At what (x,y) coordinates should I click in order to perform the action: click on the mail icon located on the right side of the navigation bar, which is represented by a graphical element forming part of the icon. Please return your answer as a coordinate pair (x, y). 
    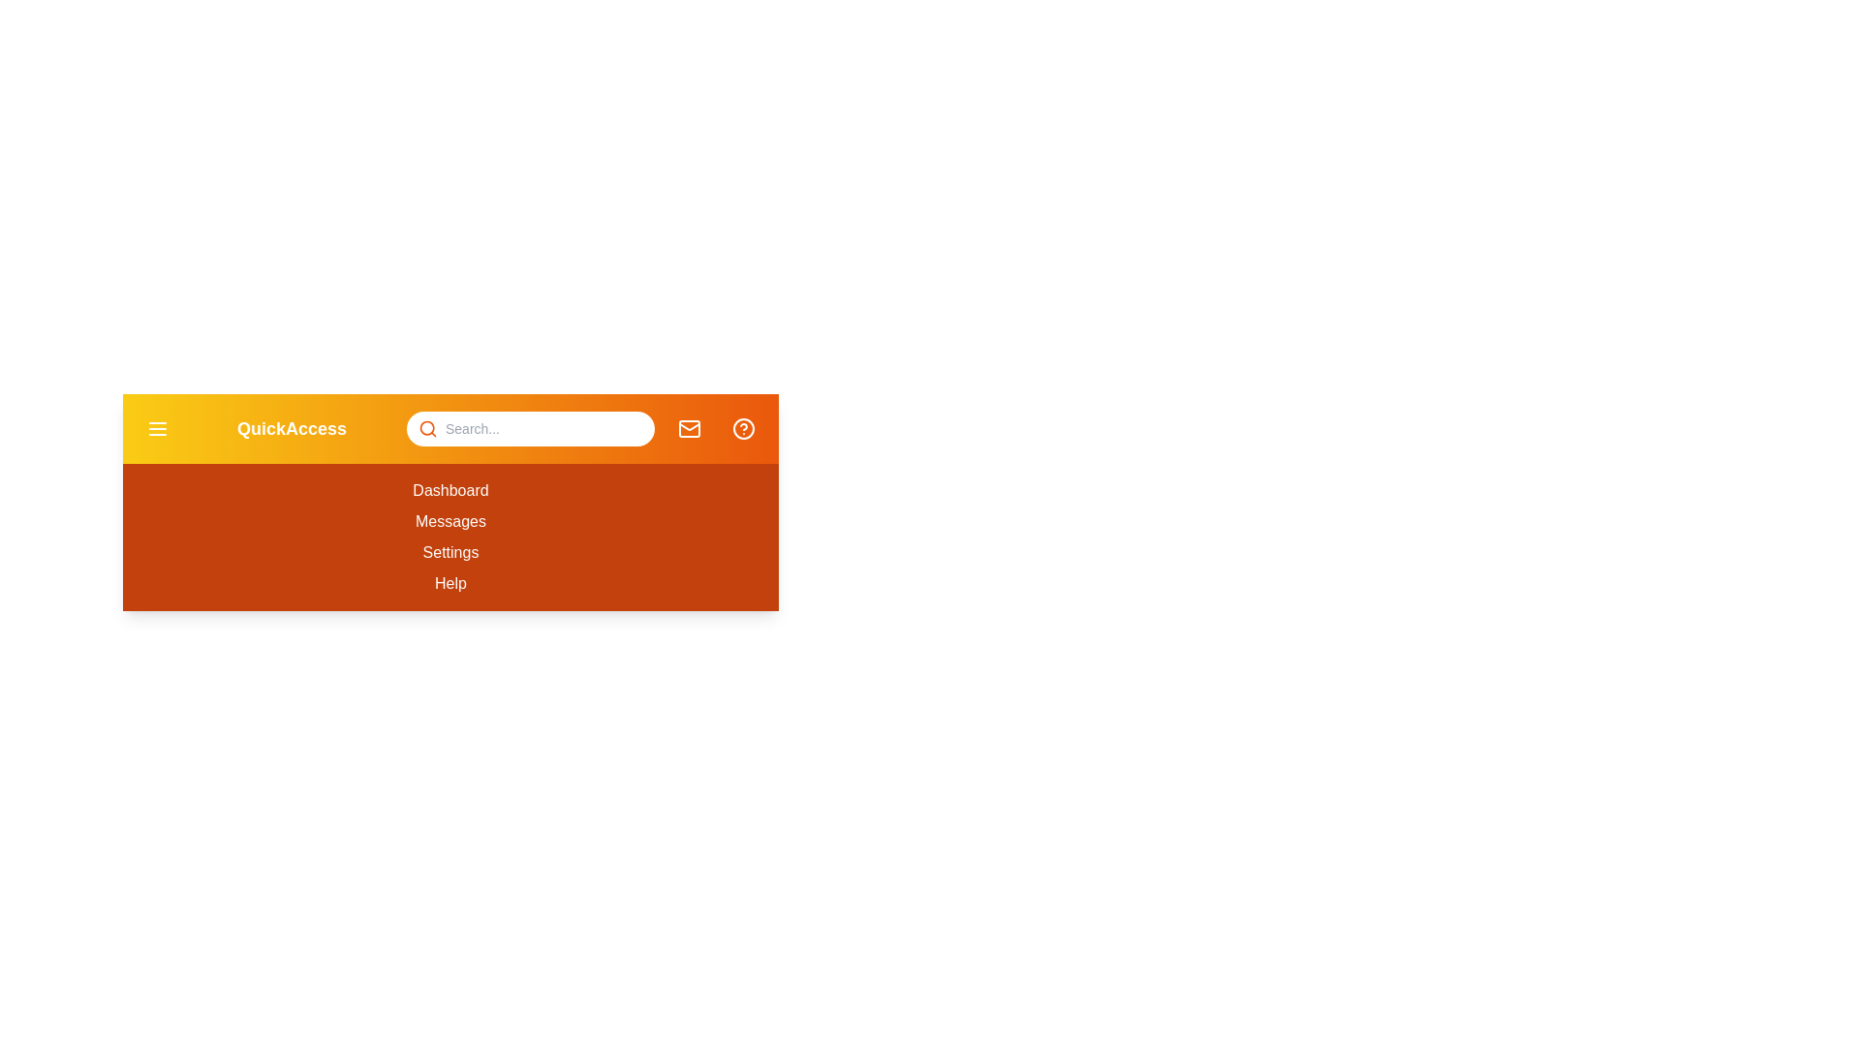
    Looking at the image, I should click on (689, 428).